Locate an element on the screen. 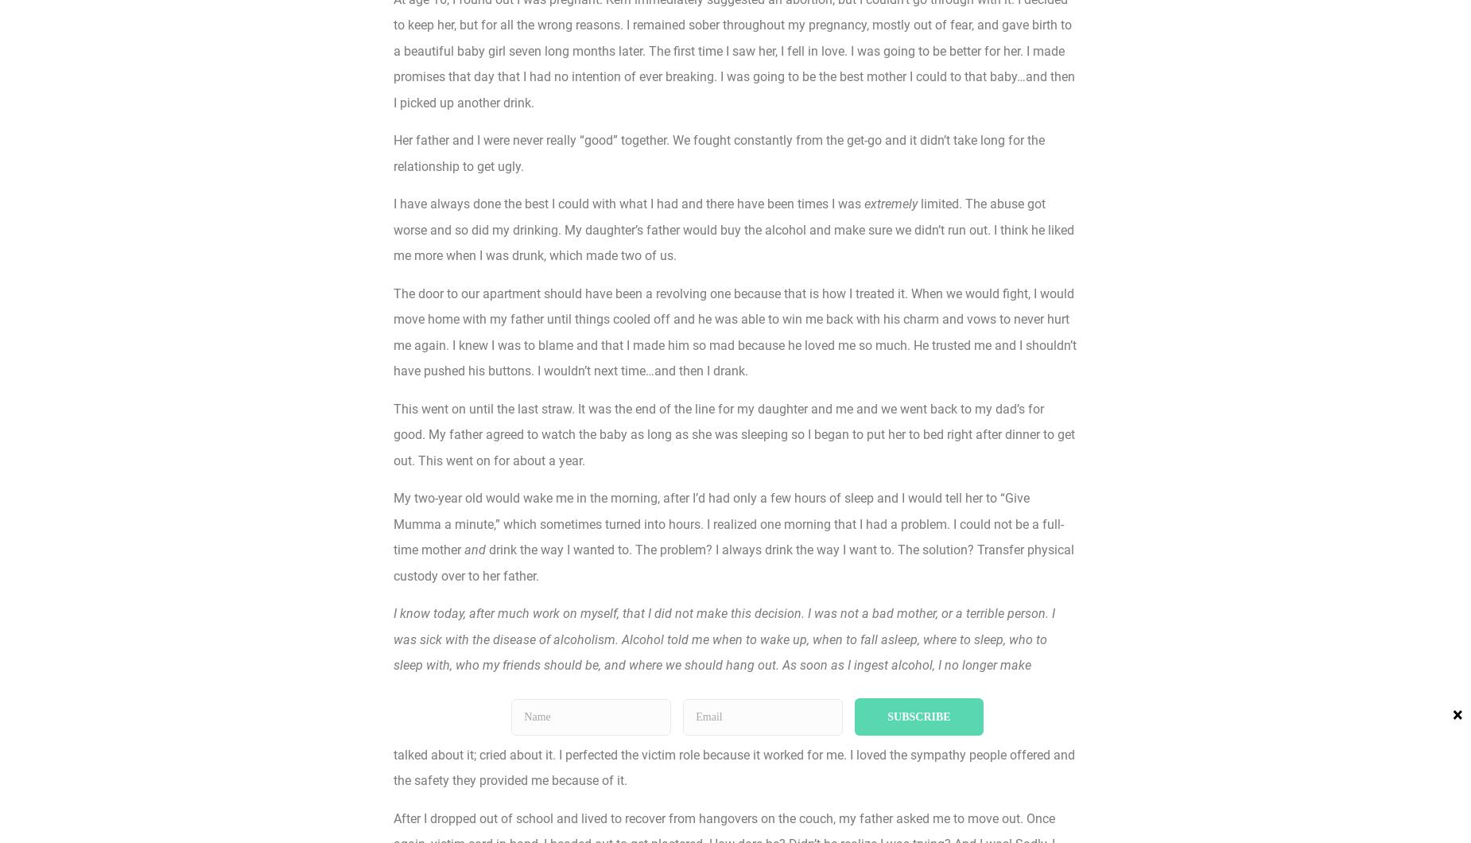 This screenshot has height=843, width=1471. 'Her father and I were never really “good” together. We fought constantly from the get-go and it didn’t take long for the relationship to get ugly.' is located at coordinates (719, 152).